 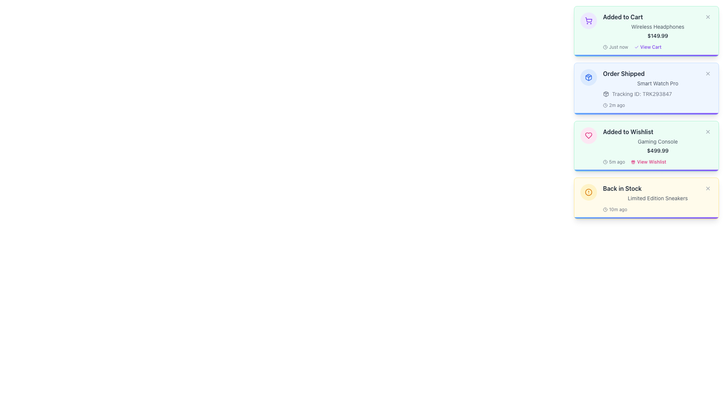 I want to click on the time elapsed icon located at the bottom-left corner of the 'Order Shipped' box, just before the text '2m ago', so click(x=605, y=105).